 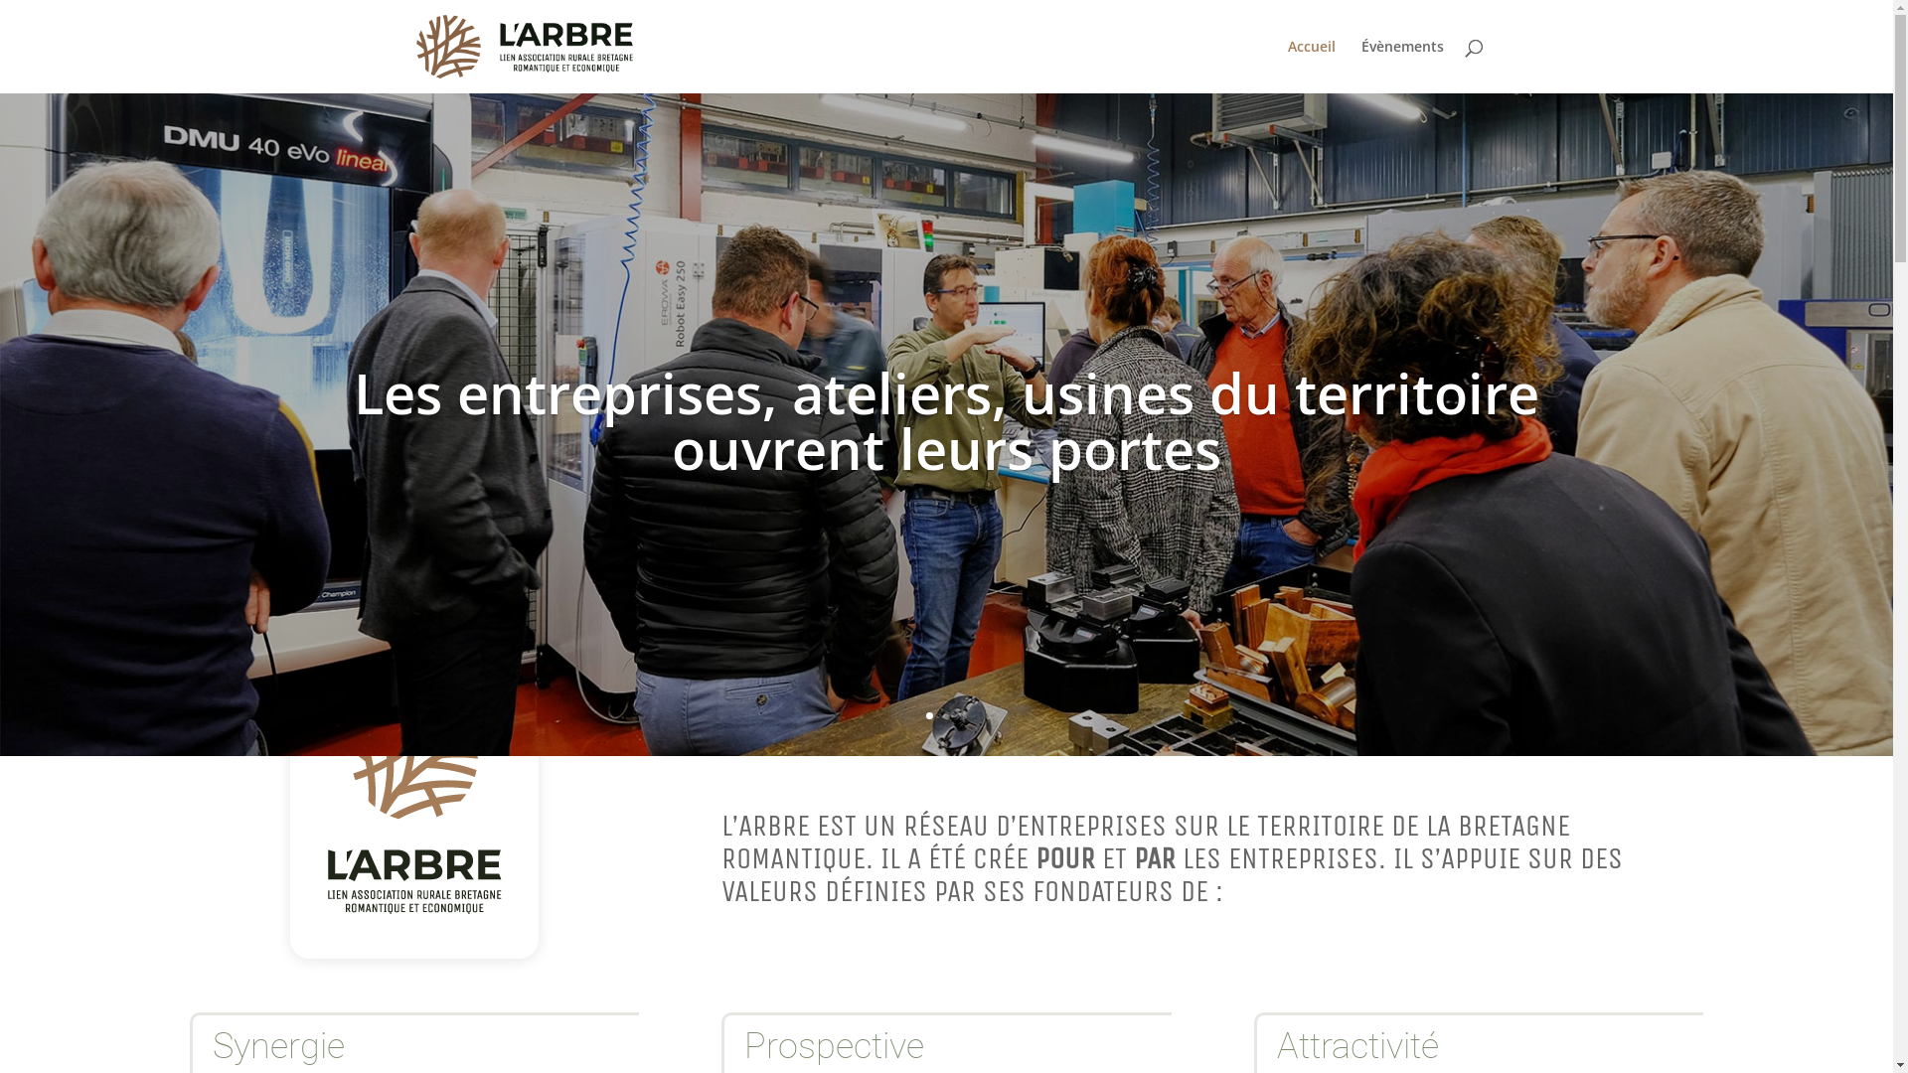 I want to click on '1', so click(x=928, y=715).